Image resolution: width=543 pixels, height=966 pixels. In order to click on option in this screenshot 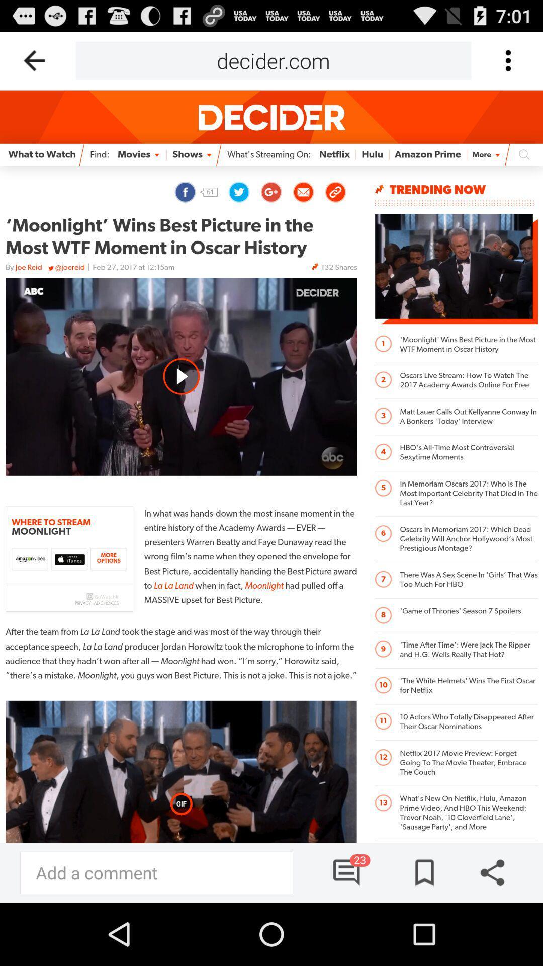, I will do `click(507, 60)`.